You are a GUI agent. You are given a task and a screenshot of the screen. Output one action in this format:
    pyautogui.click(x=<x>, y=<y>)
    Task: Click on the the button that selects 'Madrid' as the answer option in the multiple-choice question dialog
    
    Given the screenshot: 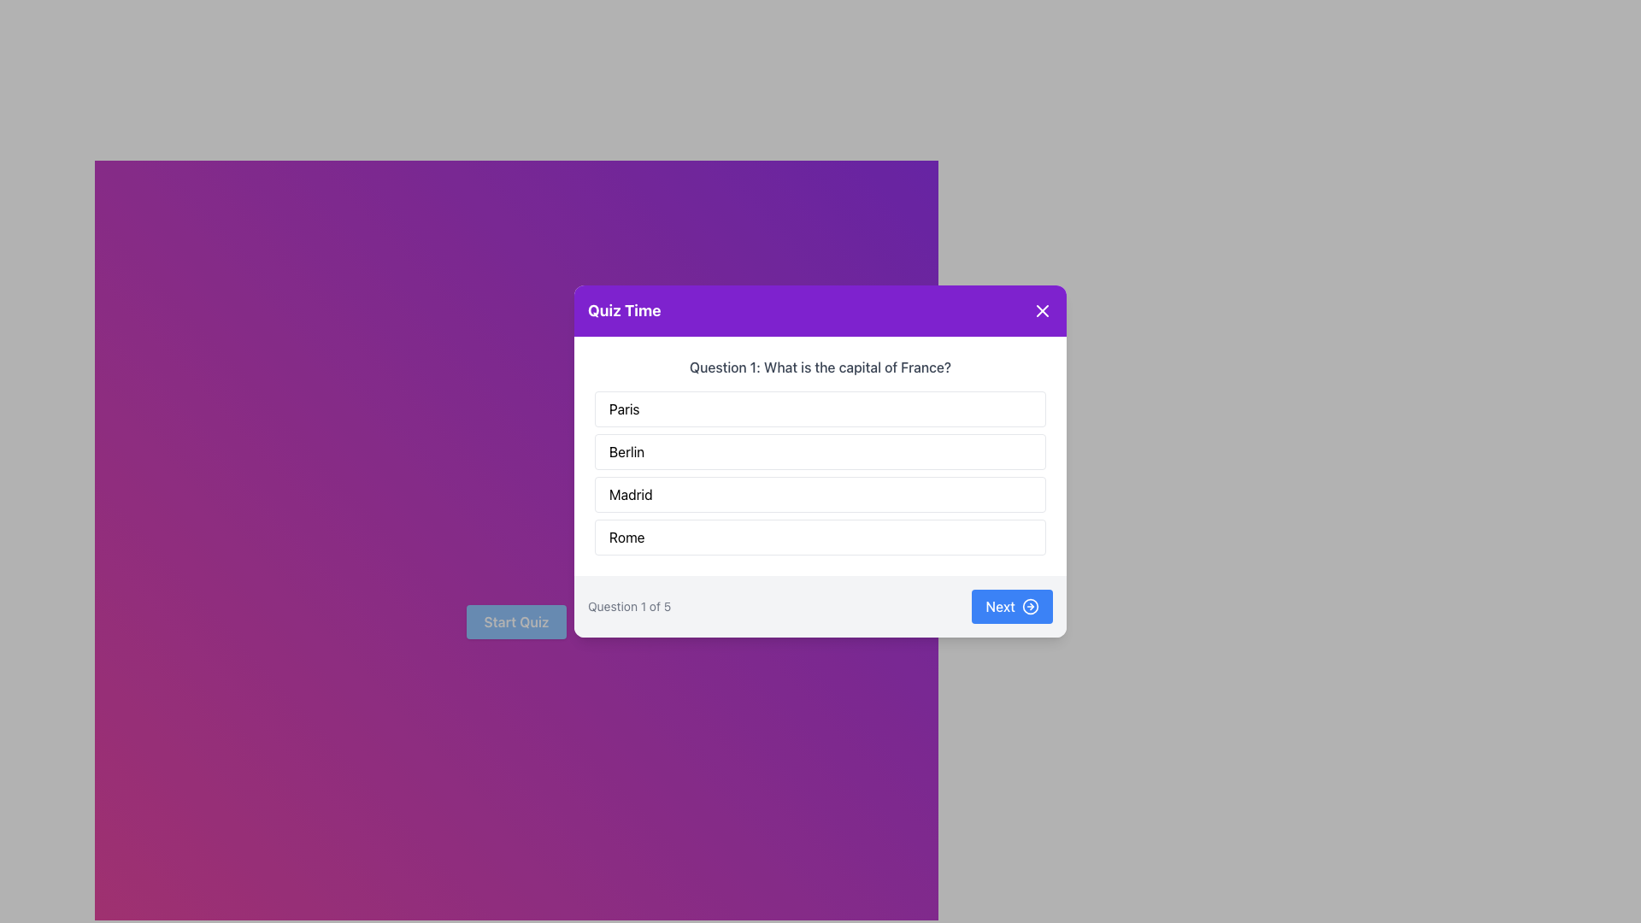 What is the action you would take?
    pyautogui.click(x=820, y=494)
    